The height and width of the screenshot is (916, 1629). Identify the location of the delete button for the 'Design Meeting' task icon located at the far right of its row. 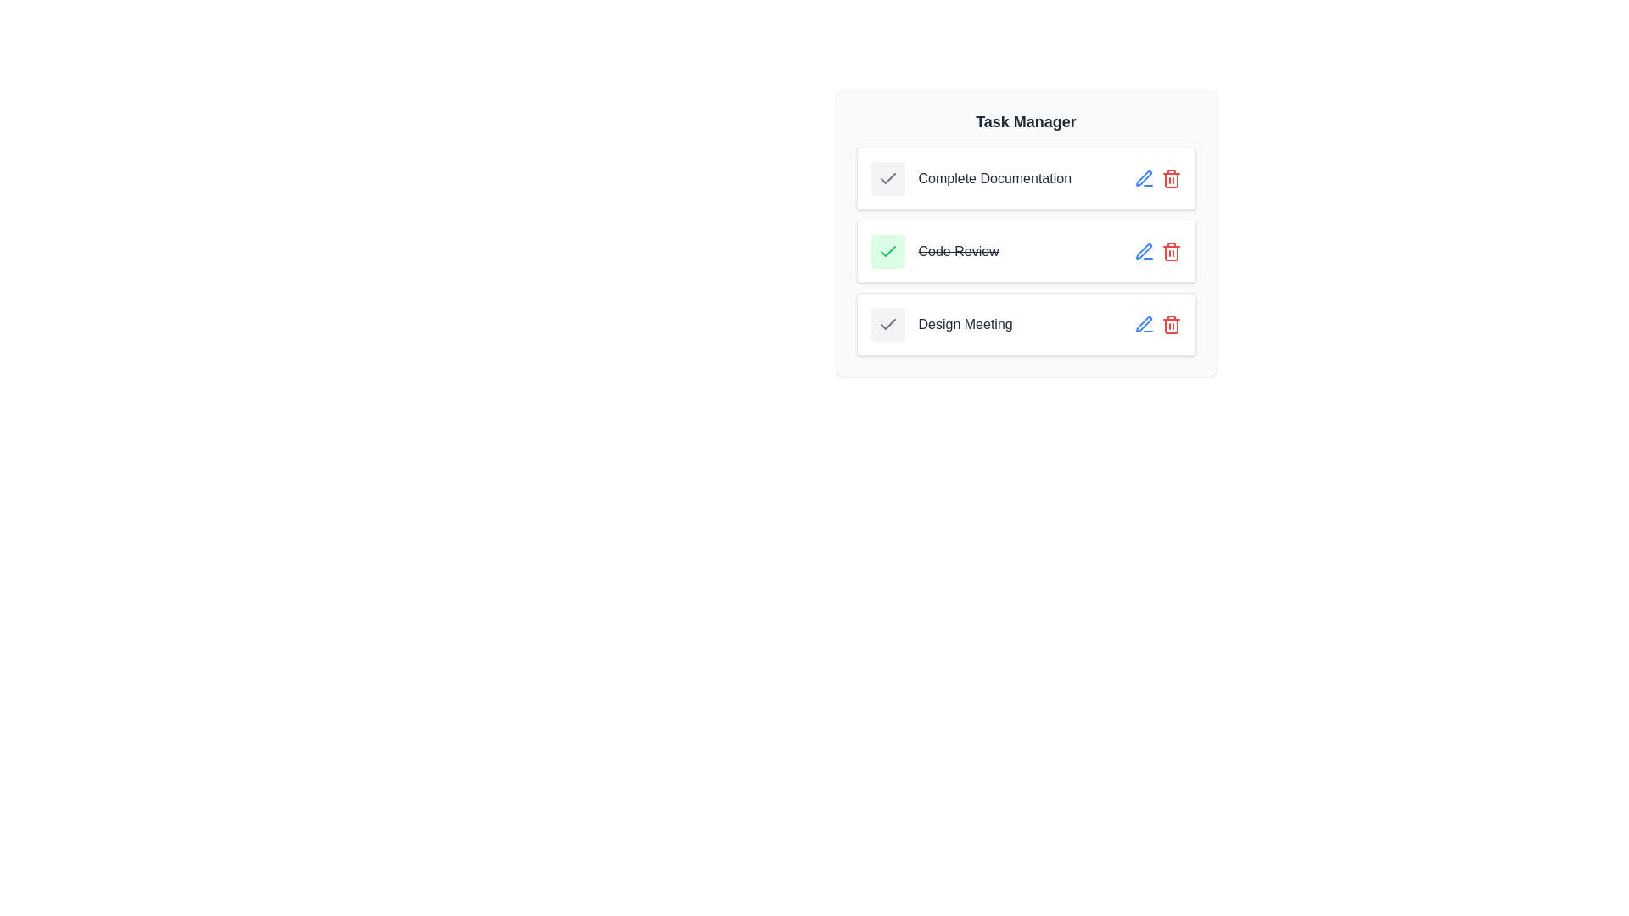
(1170, 324).